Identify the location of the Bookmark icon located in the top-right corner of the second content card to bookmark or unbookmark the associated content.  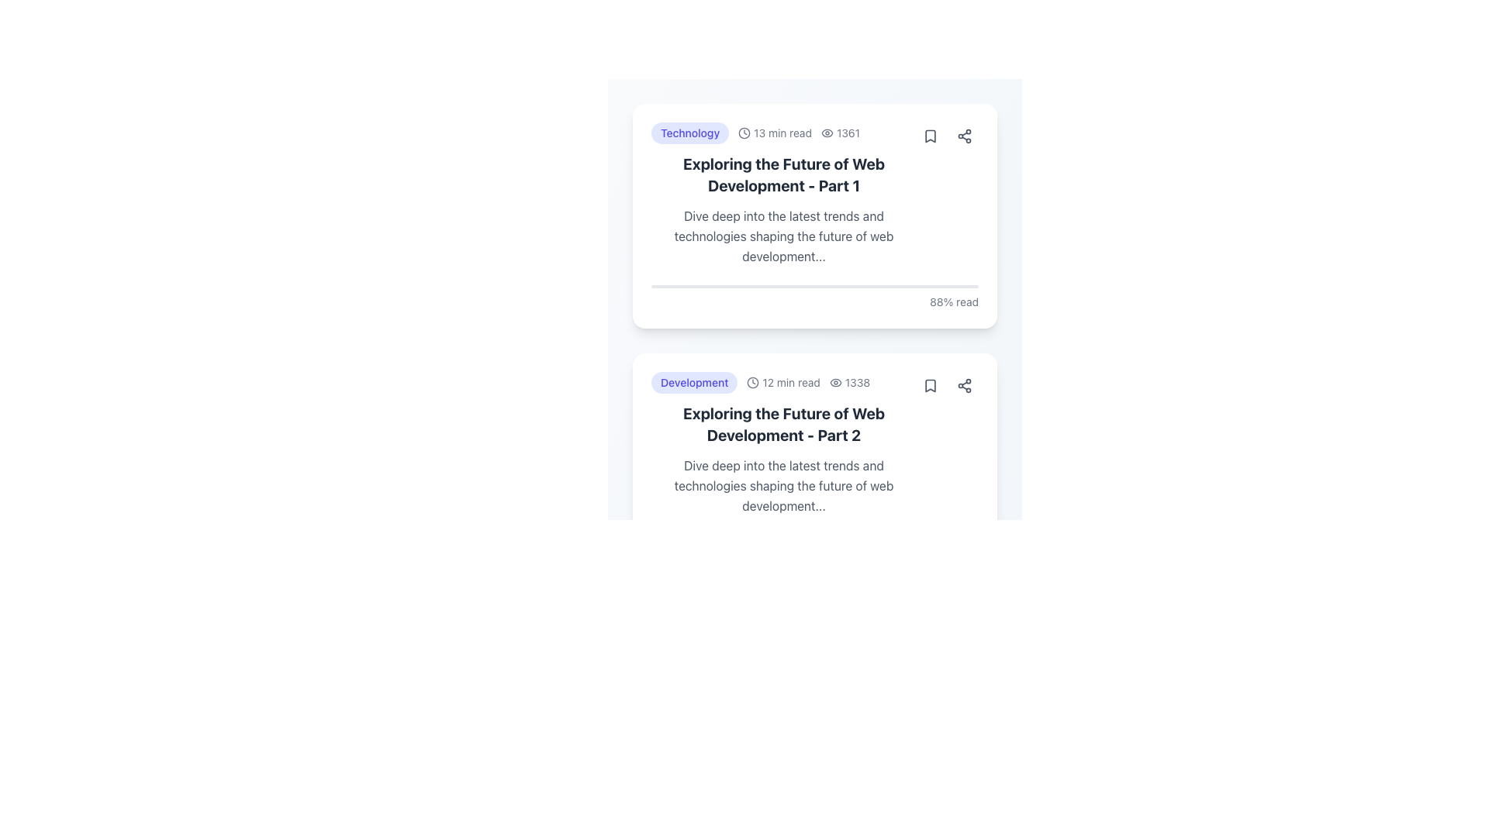
(931, 384).